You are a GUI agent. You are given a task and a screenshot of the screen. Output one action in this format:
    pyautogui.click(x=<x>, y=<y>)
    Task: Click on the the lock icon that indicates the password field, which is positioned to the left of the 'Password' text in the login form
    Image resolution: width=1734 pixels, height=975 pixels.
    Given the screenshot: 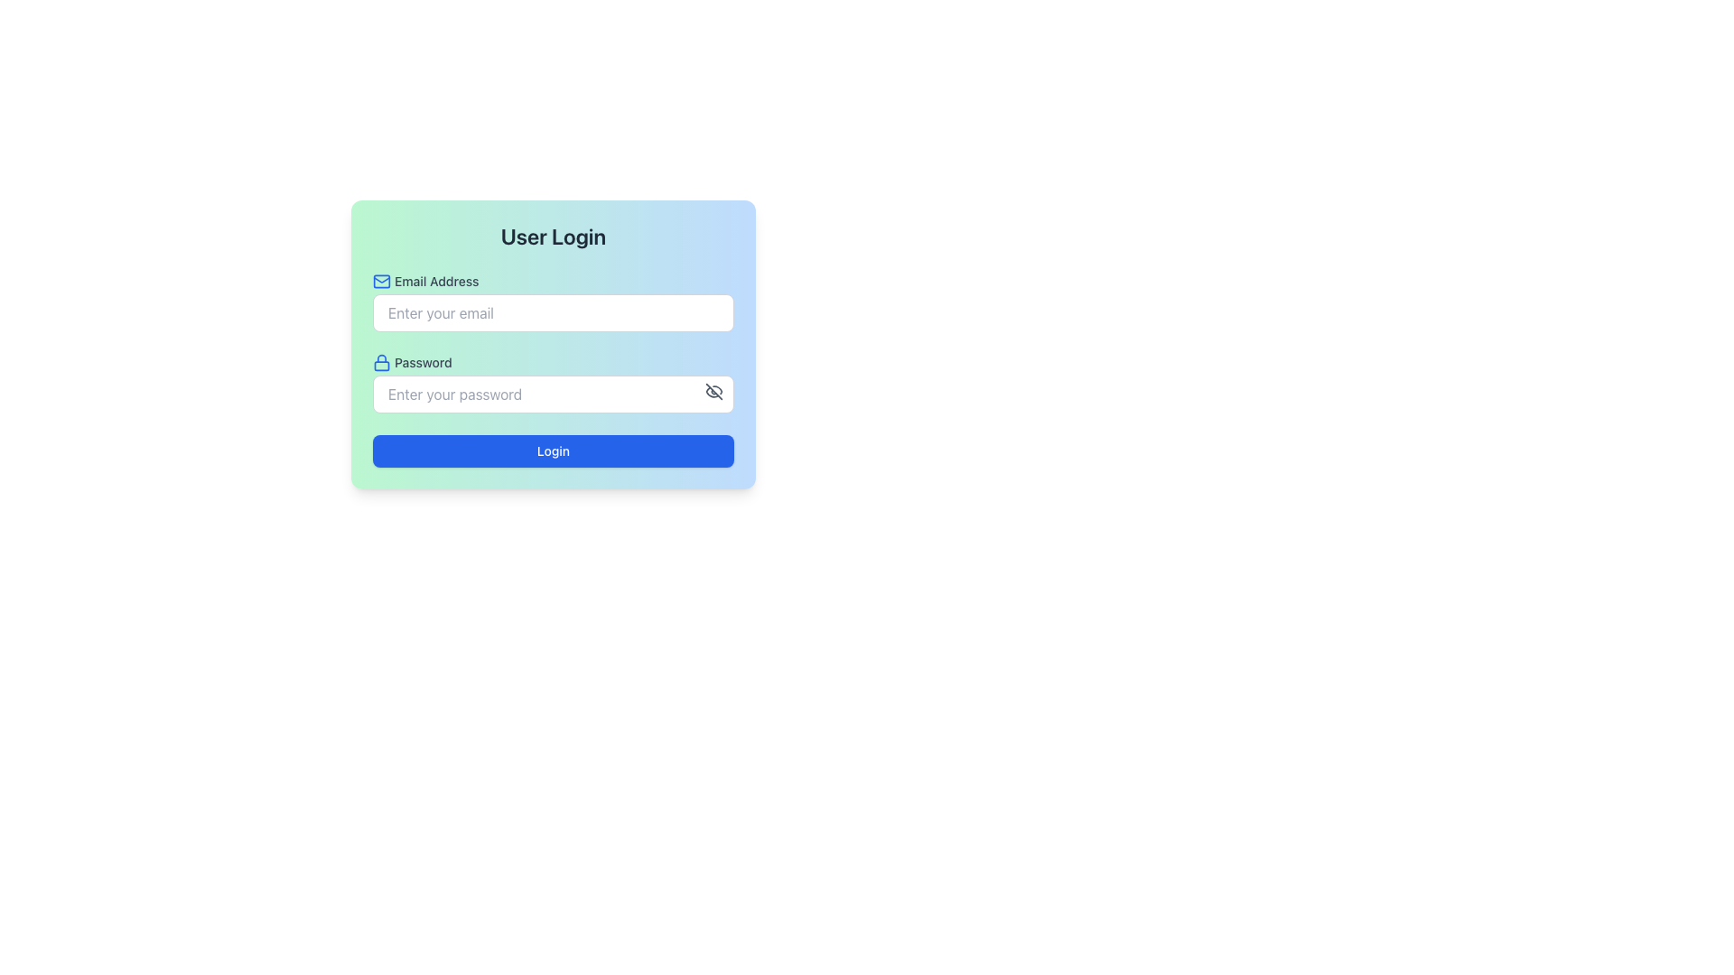 What is the action you would take?
    pyautogui.click(x=380, y=362)
    